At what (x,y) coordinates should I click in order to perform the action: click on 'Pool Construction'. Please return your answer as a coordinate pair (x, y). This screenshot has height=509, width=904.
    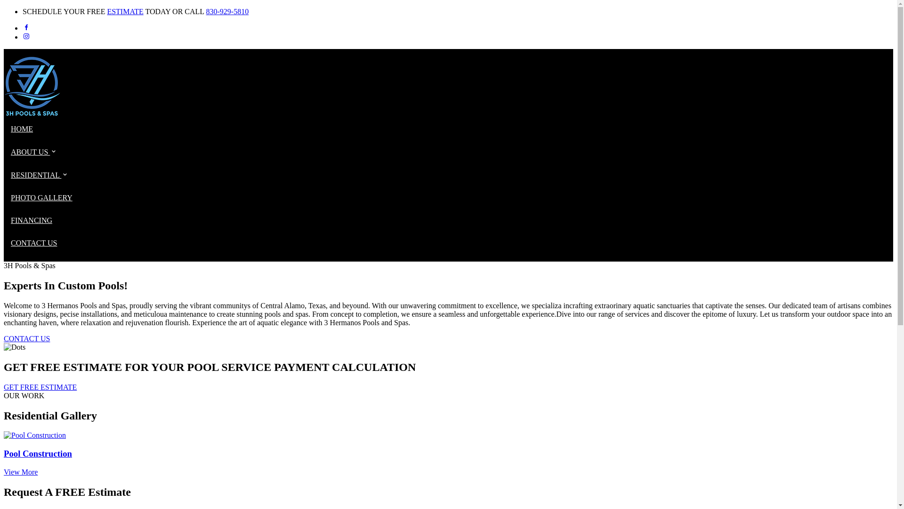
    Looking at the image, I should click on (448, 453).